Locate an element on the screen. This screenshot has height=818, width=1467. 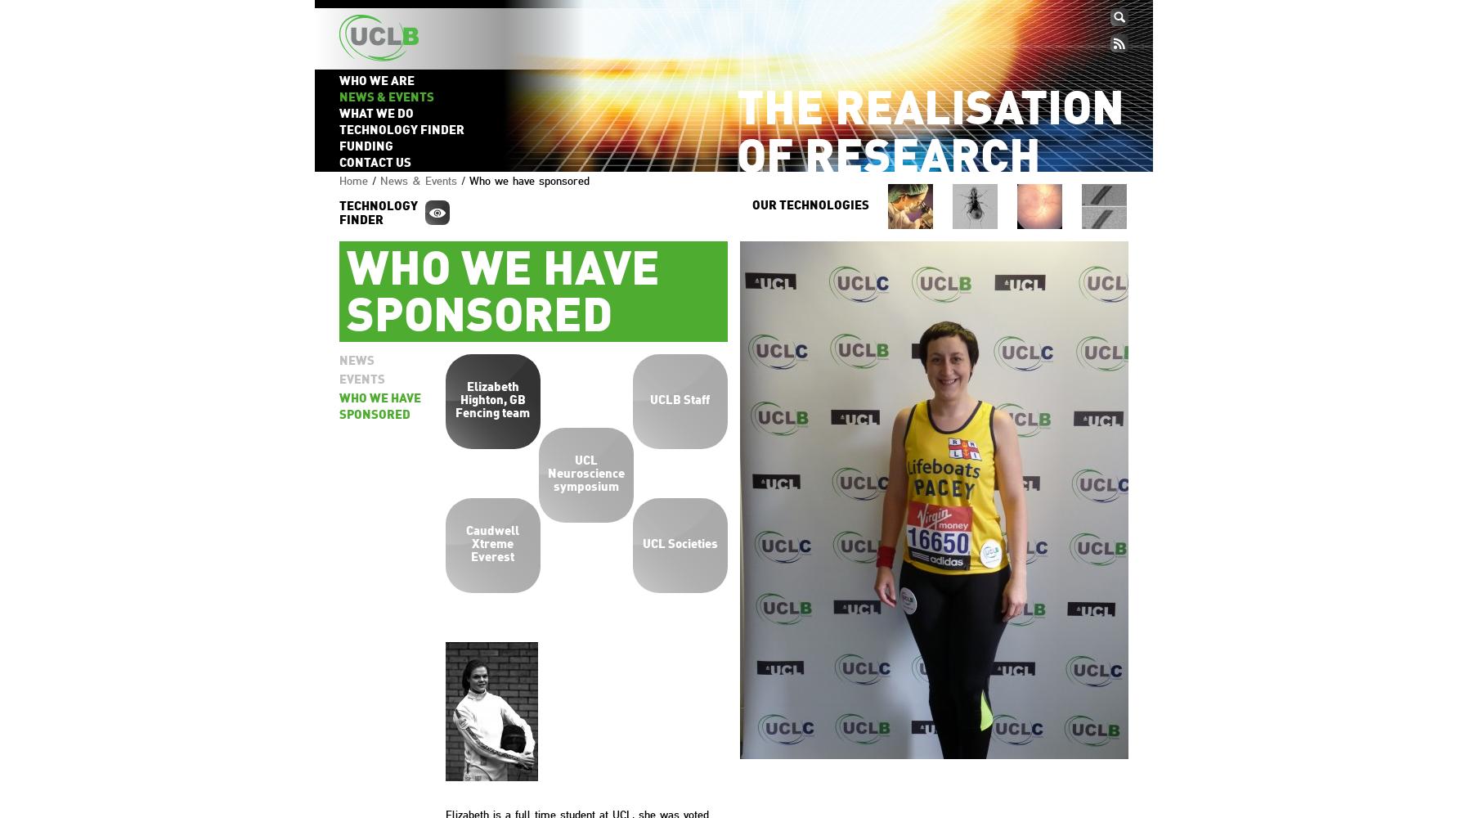
'Our Technologies' is located at coordinates (809, 206).